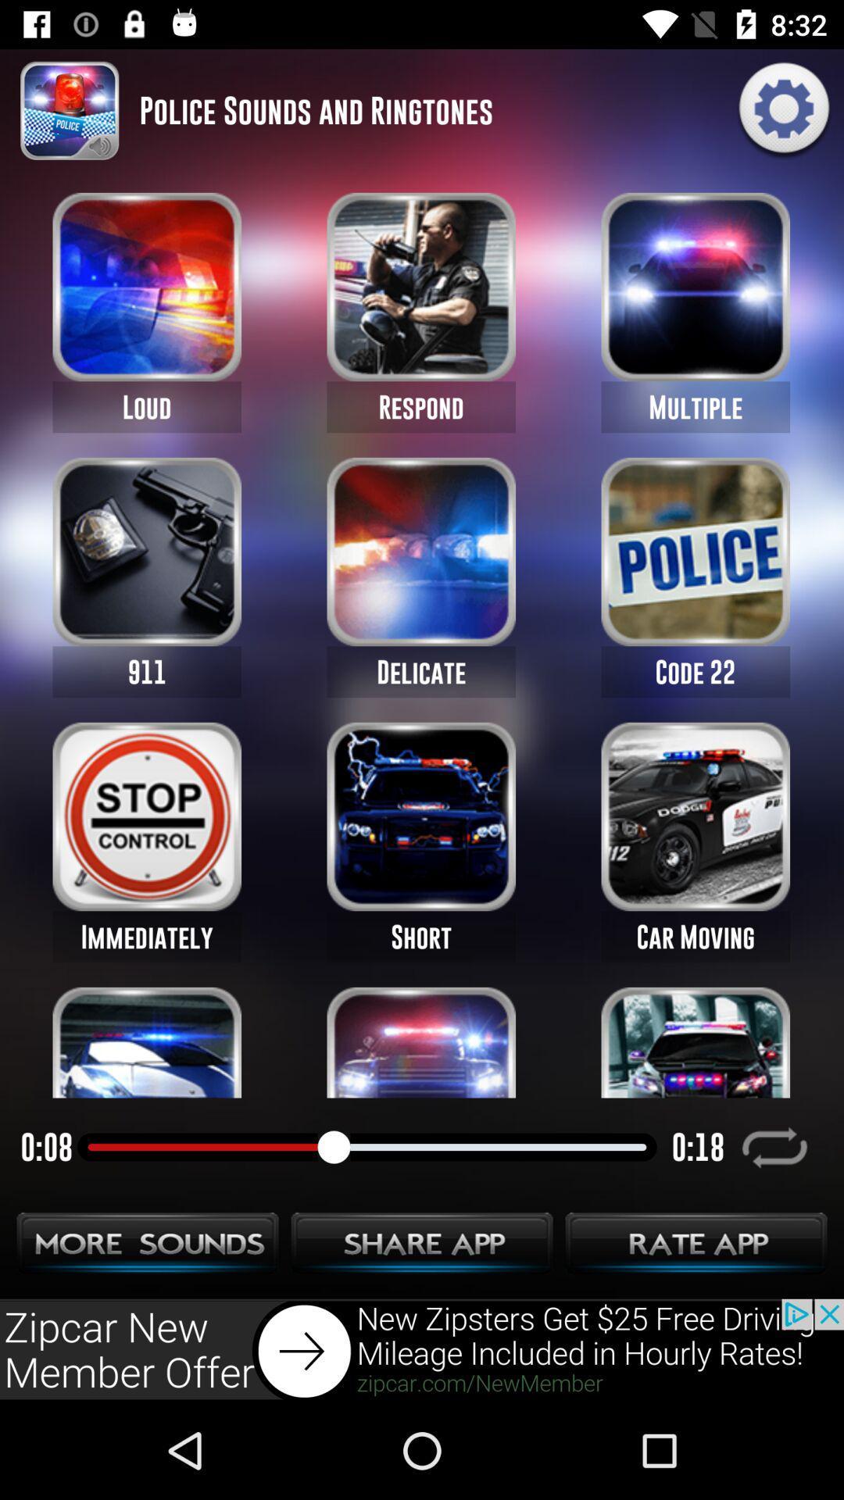  What do you see at coordinates (148, 1247) in the screenshot?
I see `the button which is left side of the share app` at bounding box center [148, 1247].